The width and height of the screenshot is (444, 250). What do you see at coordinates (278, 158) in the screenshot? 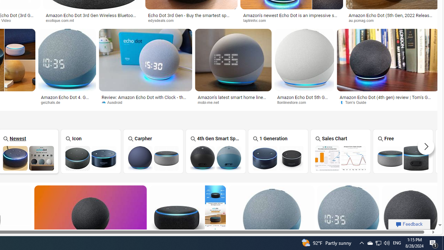
I see `'Amazon Echo Dot 1 Generation'` at bounding box center [278, 158].